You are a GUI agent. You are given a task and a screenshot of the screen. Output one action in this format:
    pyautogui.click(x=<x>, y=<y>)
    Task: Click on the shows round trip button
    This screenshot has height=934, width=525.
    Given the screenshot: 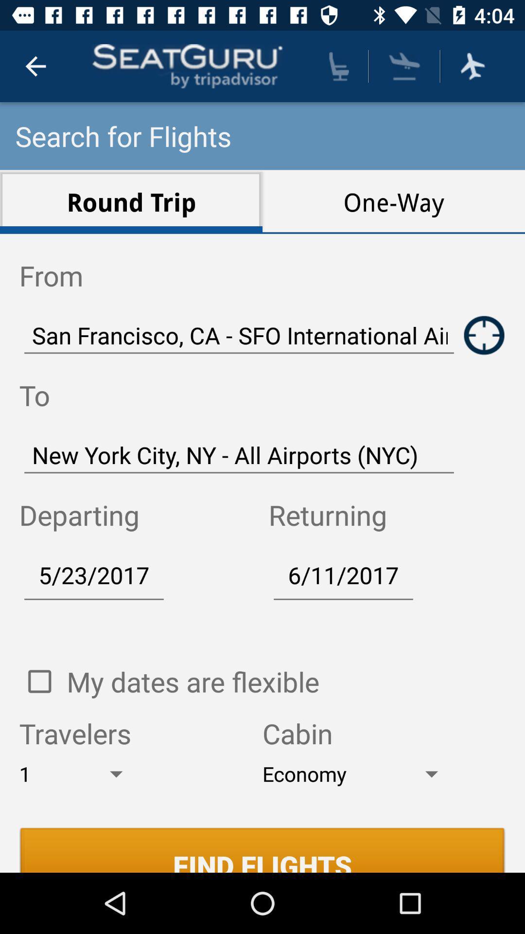 What is the action you would take?
    pyautogui.click(x=484, y=335)
    